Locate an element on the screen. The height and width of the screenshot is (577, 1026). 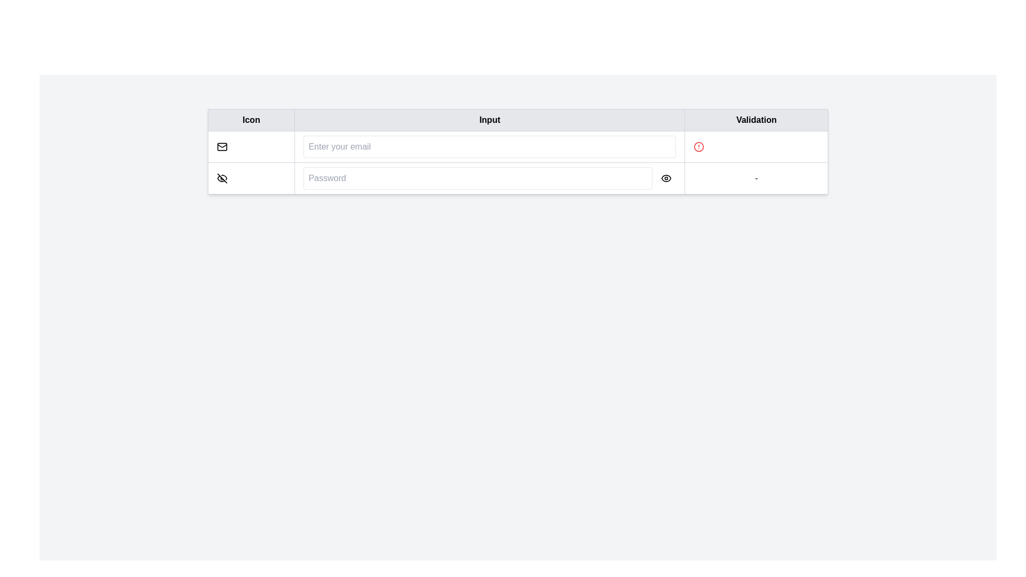
the static text label that displays a hyphen ('-') and is located in the third column of the second row in the grid layout, serving as the validation cell for the password field is located at coordinates (756, 178).